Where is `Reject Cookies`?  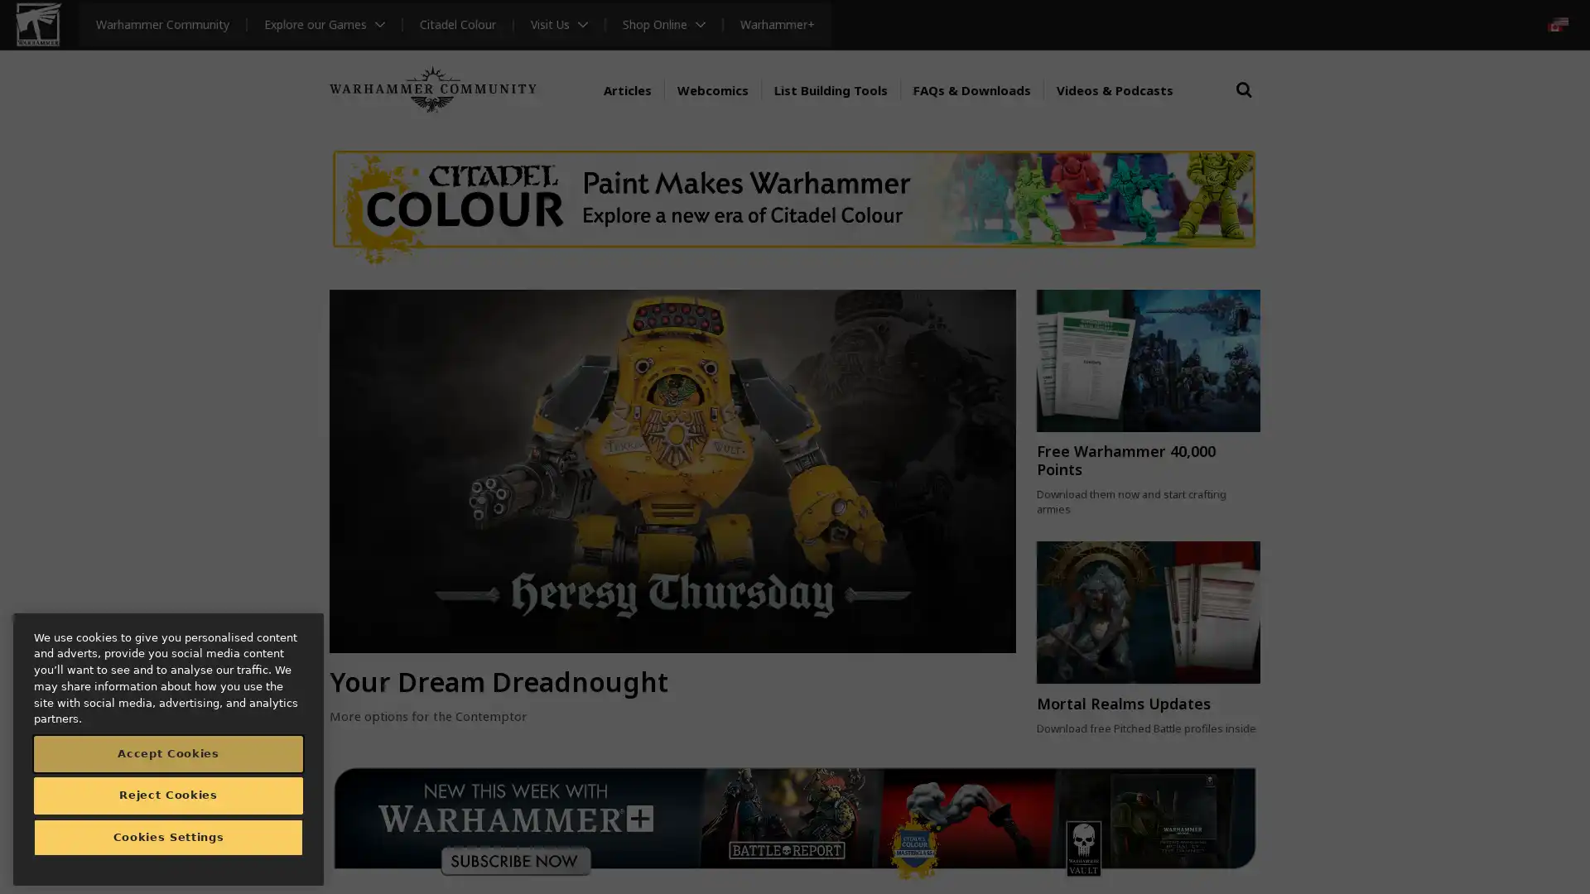 Reject Cookies is located at coordinates (168, 794).